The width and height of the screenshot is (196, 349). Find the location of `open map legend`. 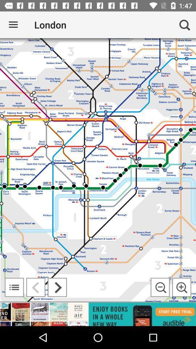

open map legend is located at coordinates (14, 287).